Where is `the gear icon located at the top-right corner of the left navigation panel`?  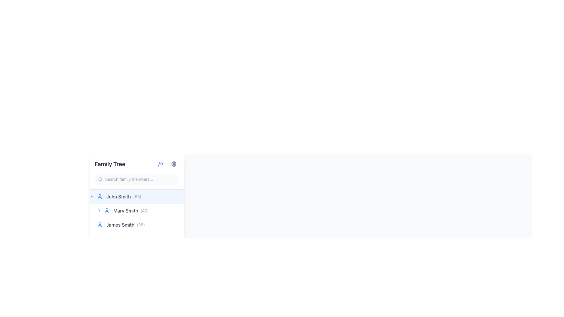 the gear icon located at the top-right corner of the left navigation panel is located at coordinates (173, 164).